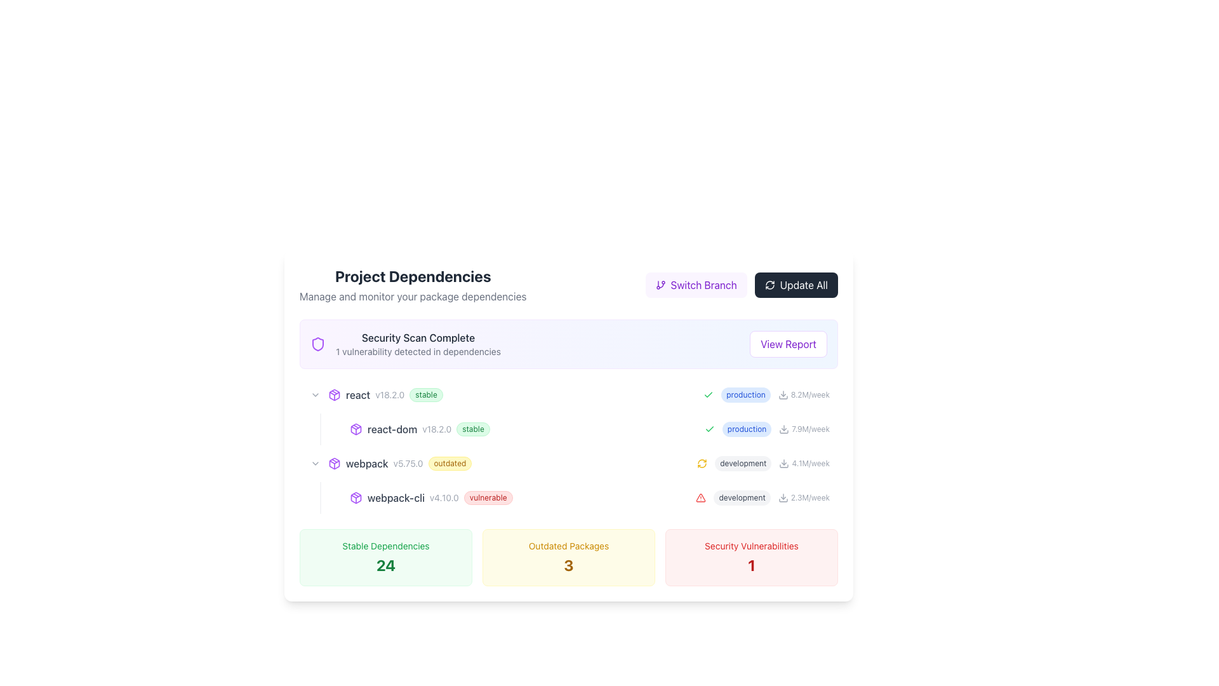  I want to click on the 'Security Vulnerabilities' label, which is styled in red and positioned above the numeral '1' in a light red card-like section, so click(752, 546).